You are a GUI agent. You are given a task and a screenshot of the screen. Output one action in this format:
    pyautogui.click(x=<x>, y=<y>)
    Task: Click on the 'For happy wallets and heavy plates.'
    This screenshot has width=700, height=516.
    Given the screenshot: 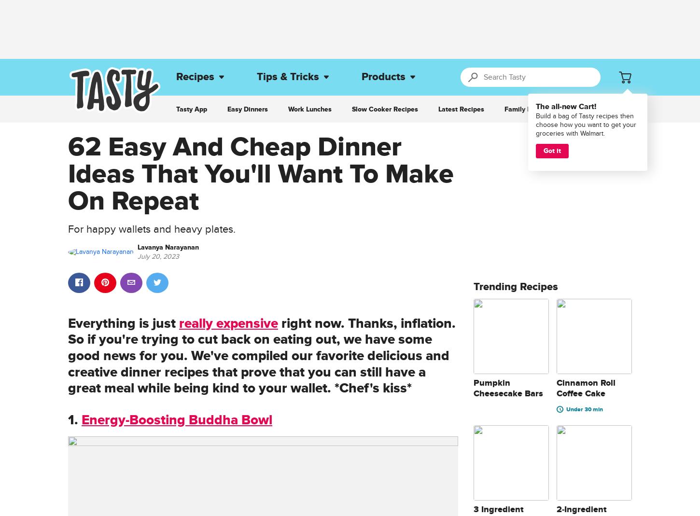 What is the action you would take?
    pyautogui.click(x=152, y=228)
    